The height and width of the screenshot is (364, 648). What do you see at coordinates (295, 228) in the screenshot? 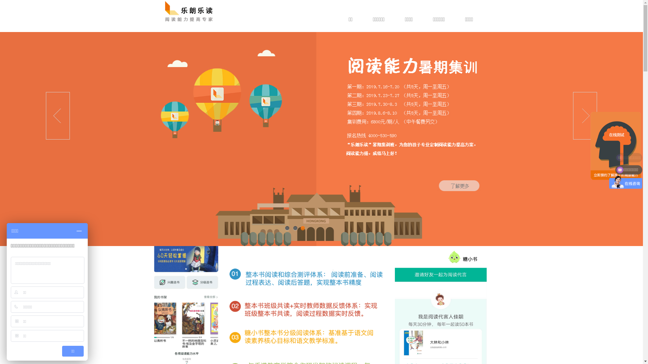
I see `'2'` at bounding box center [295, 228].